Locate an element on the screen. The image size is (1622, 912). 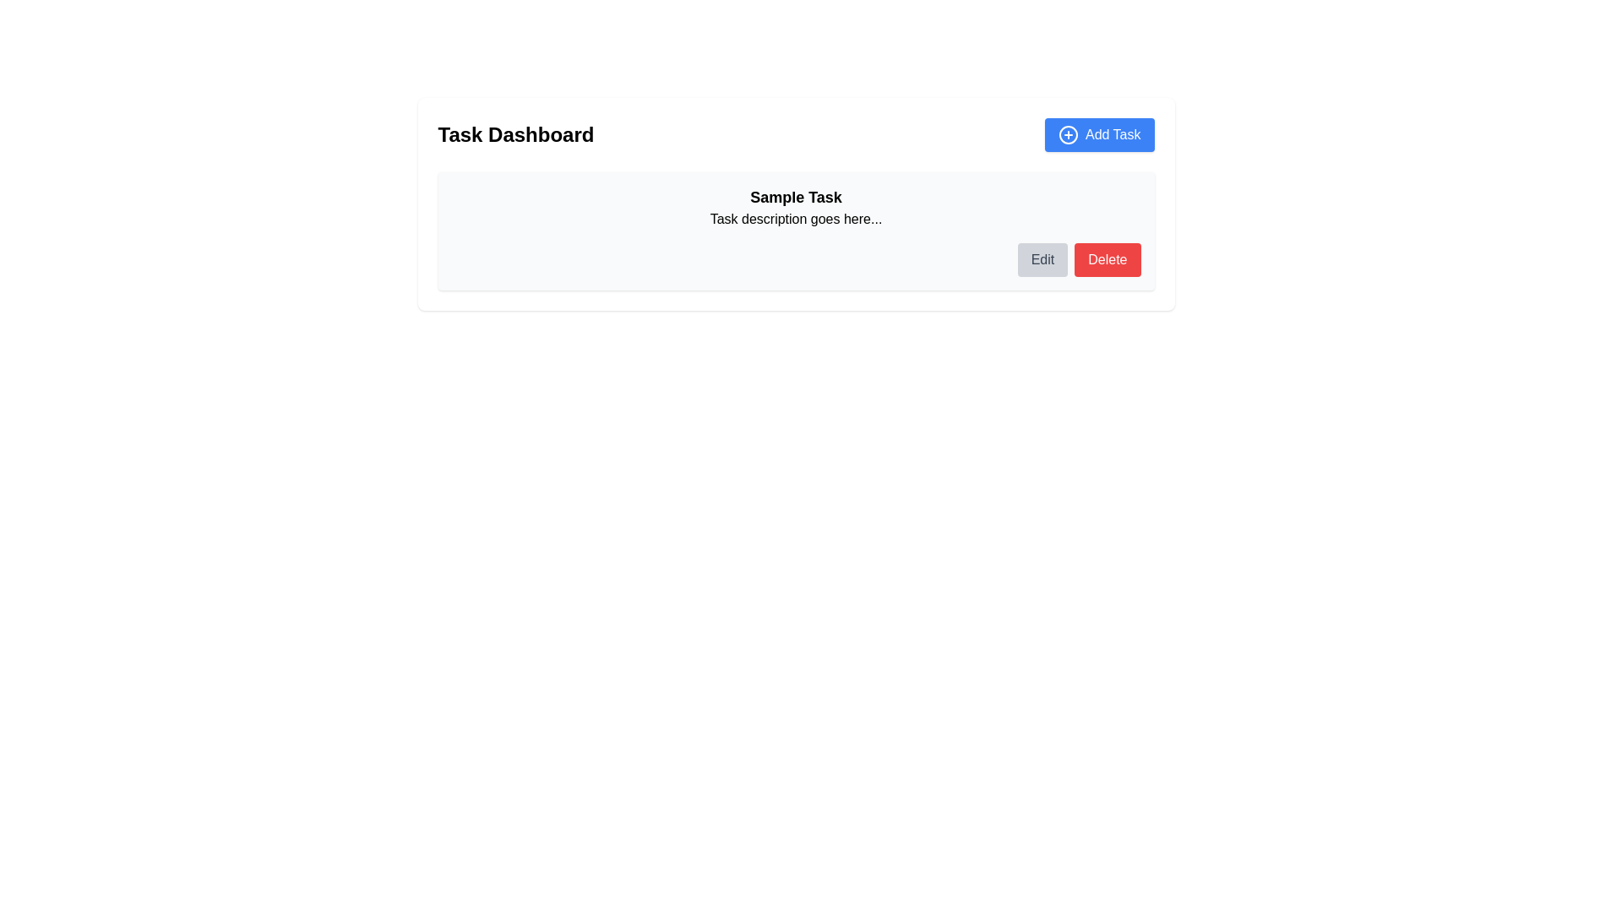
the circular blue and white icon with a plus sign located within the 'Add Task' button at the top-right corner of the interface is located at coordinates (1067, 133).